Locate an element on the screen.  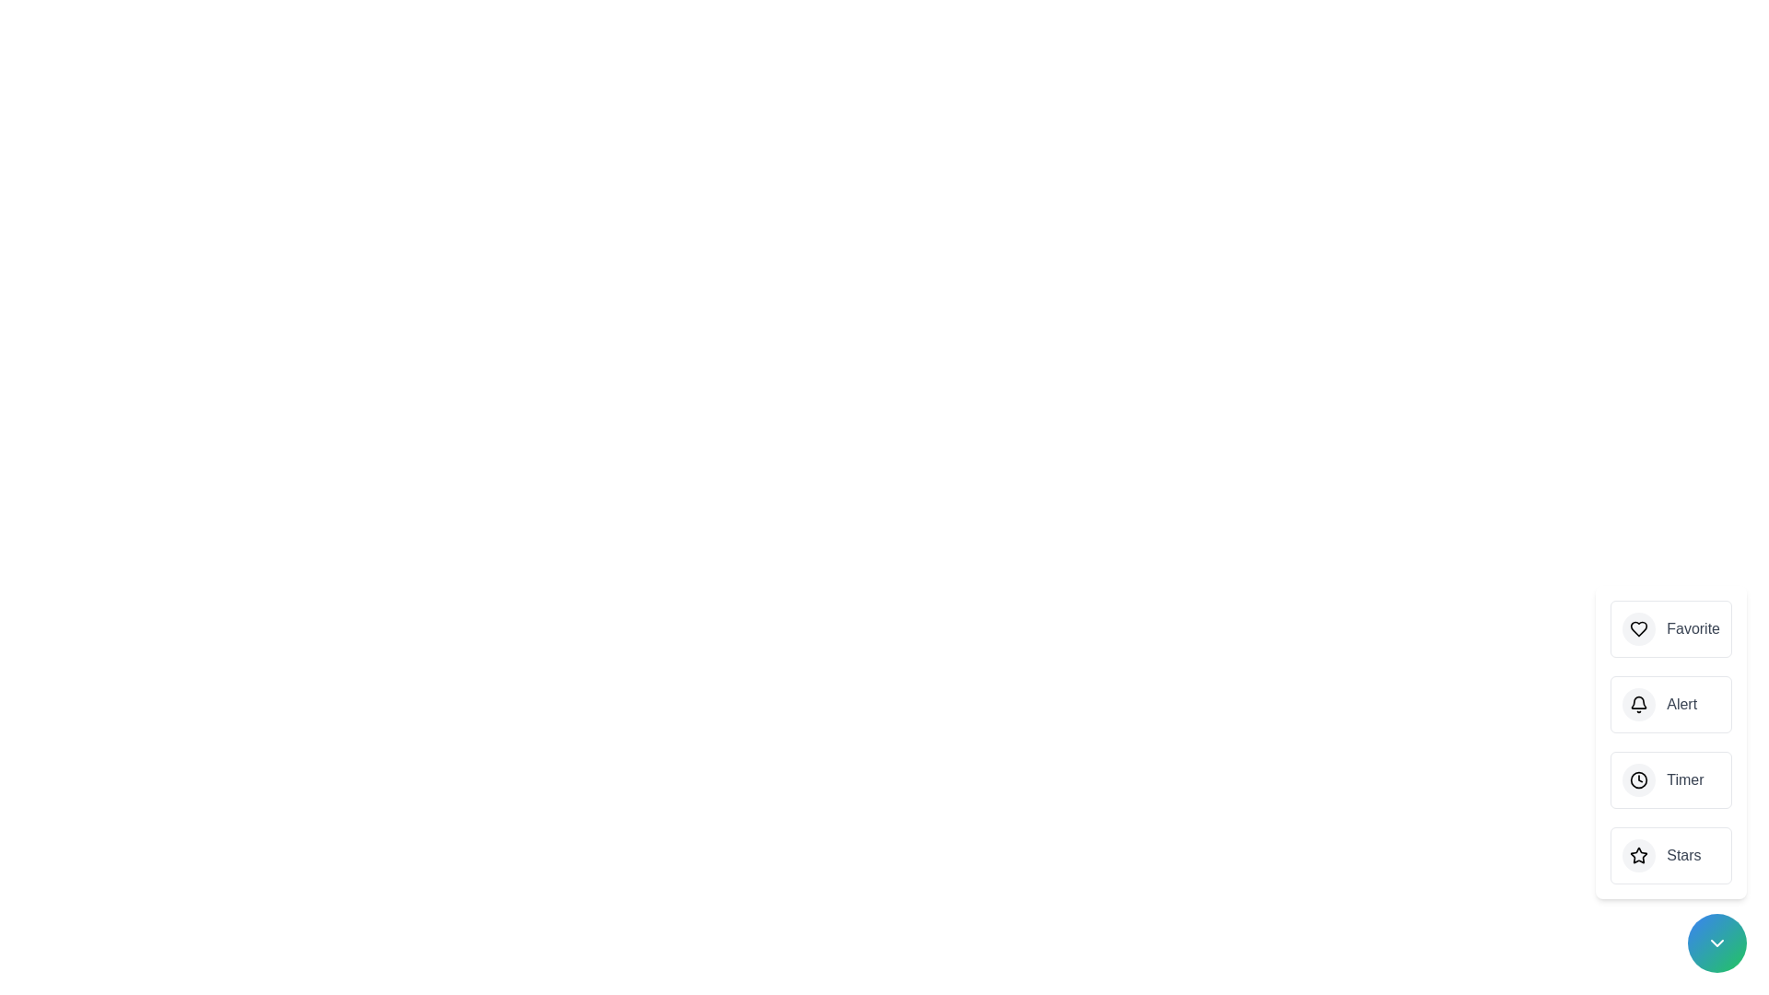
the 'Favorite' button to trigger its action is located at coordinates (1671, 627).